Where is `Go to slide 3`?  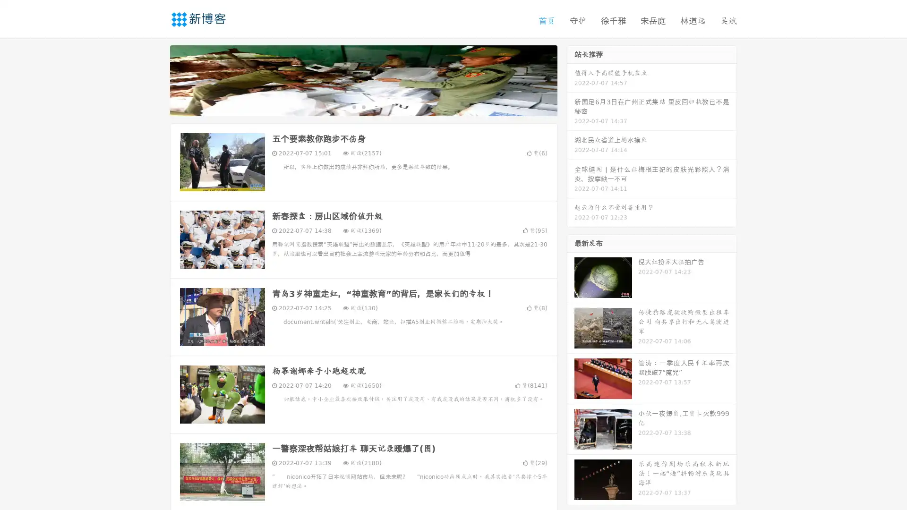
Go to slide 3 is located at coordinates (373, 106).